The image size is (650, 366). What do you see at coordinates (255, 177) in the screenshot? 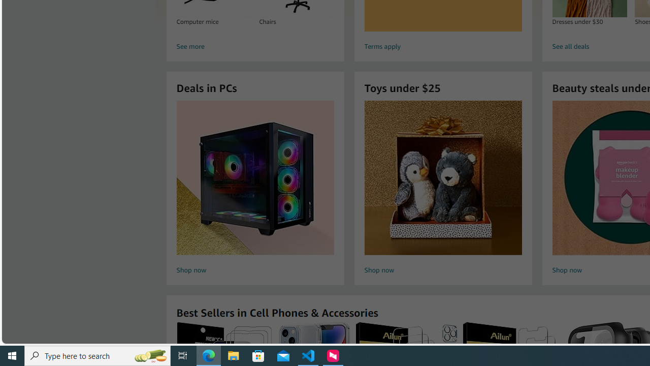
I see `'Deals in PCs'` at bounding box center [255, 177].